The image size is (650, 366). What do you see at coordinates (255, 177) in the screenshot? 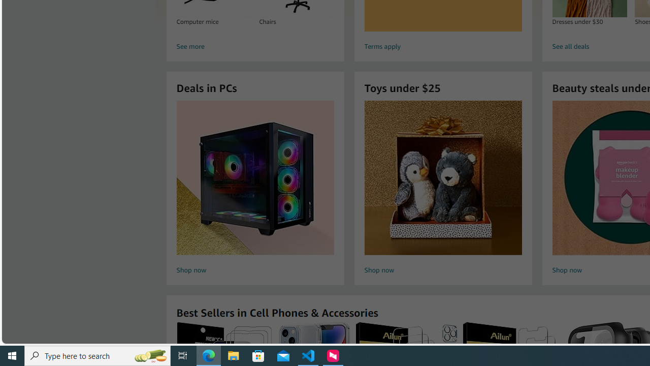
I see `'Deals in PCs'` at bounding box center [255, 177].